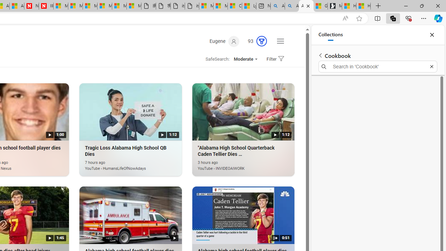 The width and height of the screenshot is (446, 251). Describe the element at coordinates (274, 59) in the screenshot. I see `'Filter'` at that location.